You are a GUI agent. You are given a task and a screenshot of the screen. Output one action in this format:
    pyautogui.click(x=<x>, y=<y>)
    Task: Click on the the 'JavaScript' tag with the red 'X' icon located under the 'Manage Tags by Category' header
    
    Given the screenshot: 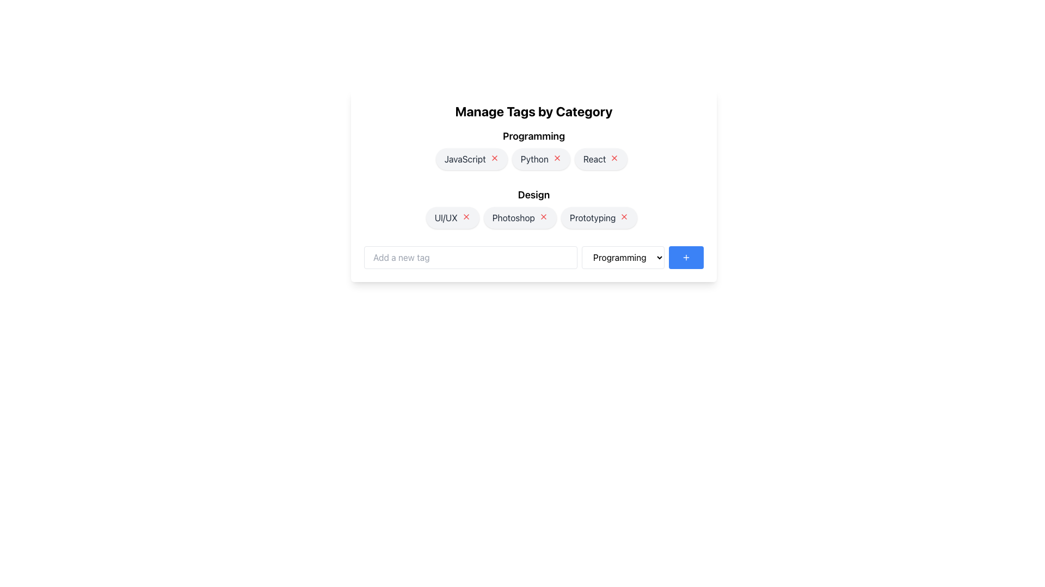 What is the action you would take?
    pyautogui.click(x=471, y=159)
    